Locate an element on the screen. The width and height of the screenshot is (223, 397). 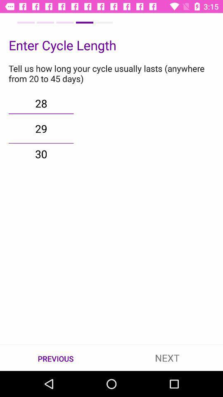
the icon to the right of the previous icon is located at coordinates (167, 357).